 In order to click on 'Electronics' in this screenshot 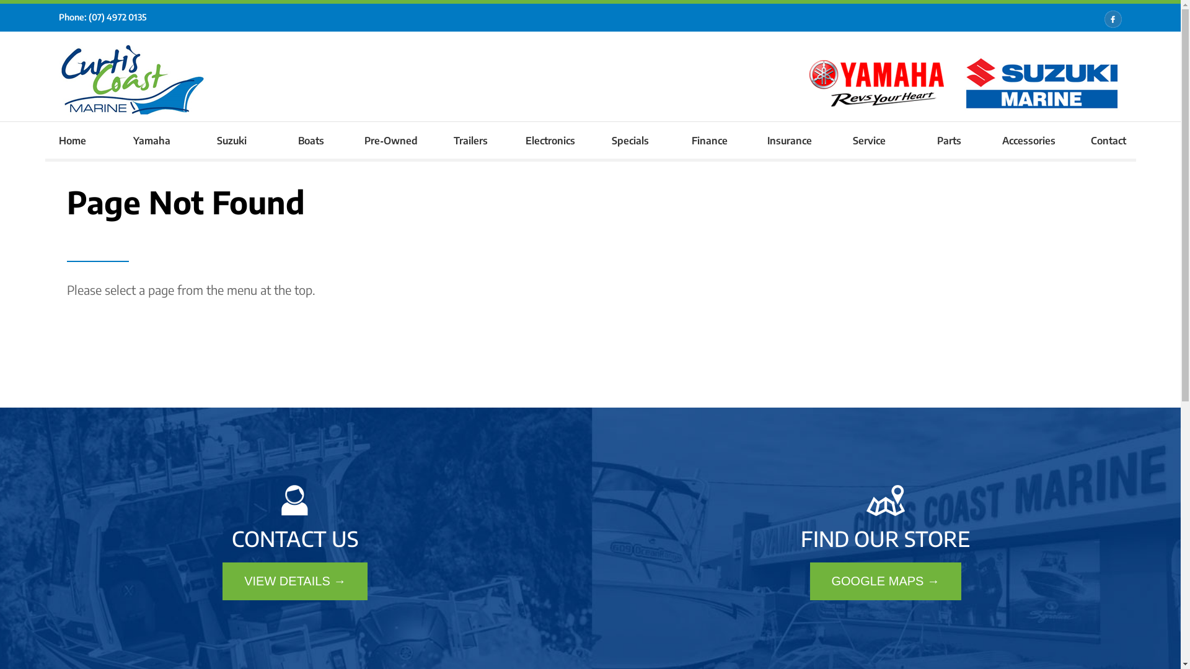, I will do `click(550, 139)`.